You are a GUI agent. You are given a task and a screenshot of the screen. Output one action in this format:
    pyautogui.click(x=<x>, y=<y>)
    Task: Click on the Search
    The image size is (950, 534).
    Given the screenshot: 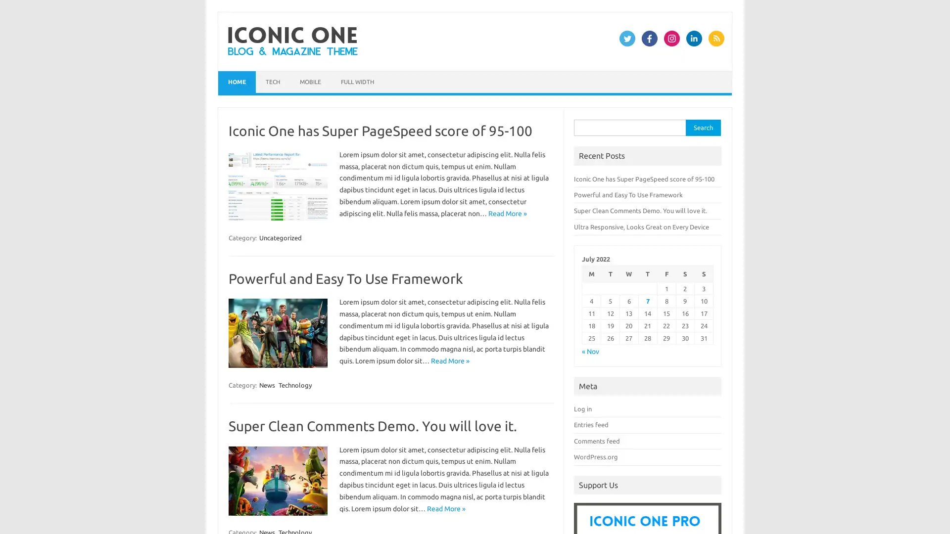 What is the action you would take?
    pyautogui.click(x=702, y=127)
    